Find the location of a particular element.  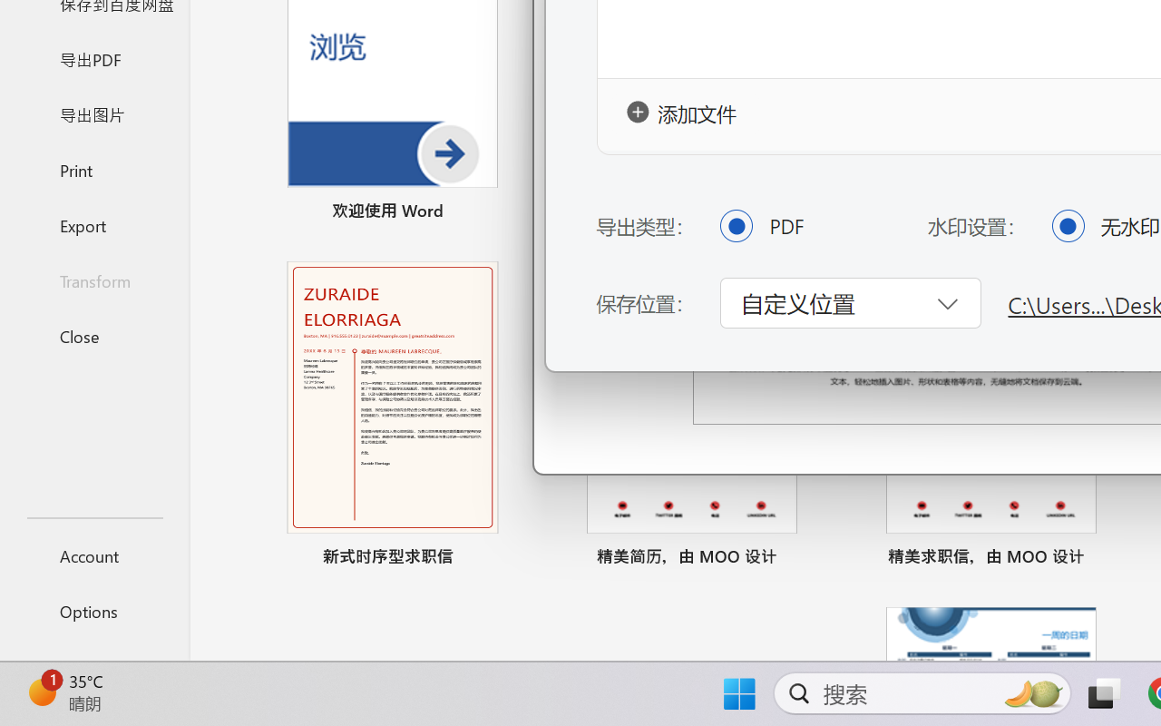

'Account' is located at coordinates (93, 555).